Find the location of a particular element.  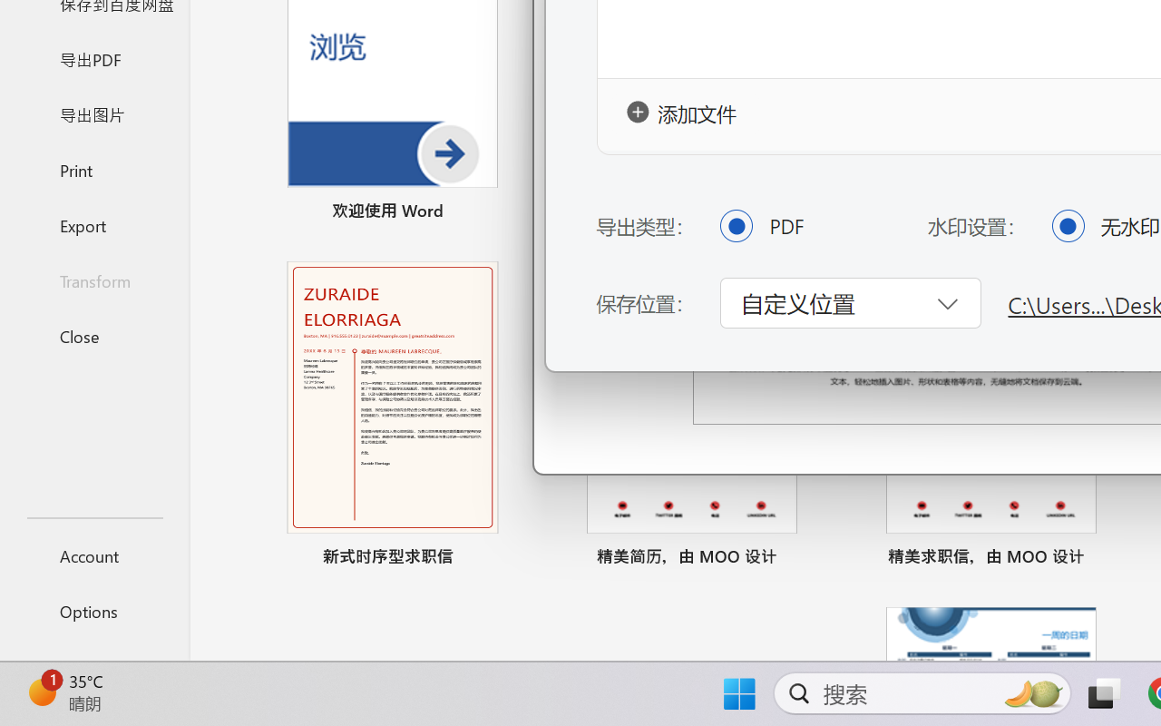

'Account' is located at coordinates (93, 555).